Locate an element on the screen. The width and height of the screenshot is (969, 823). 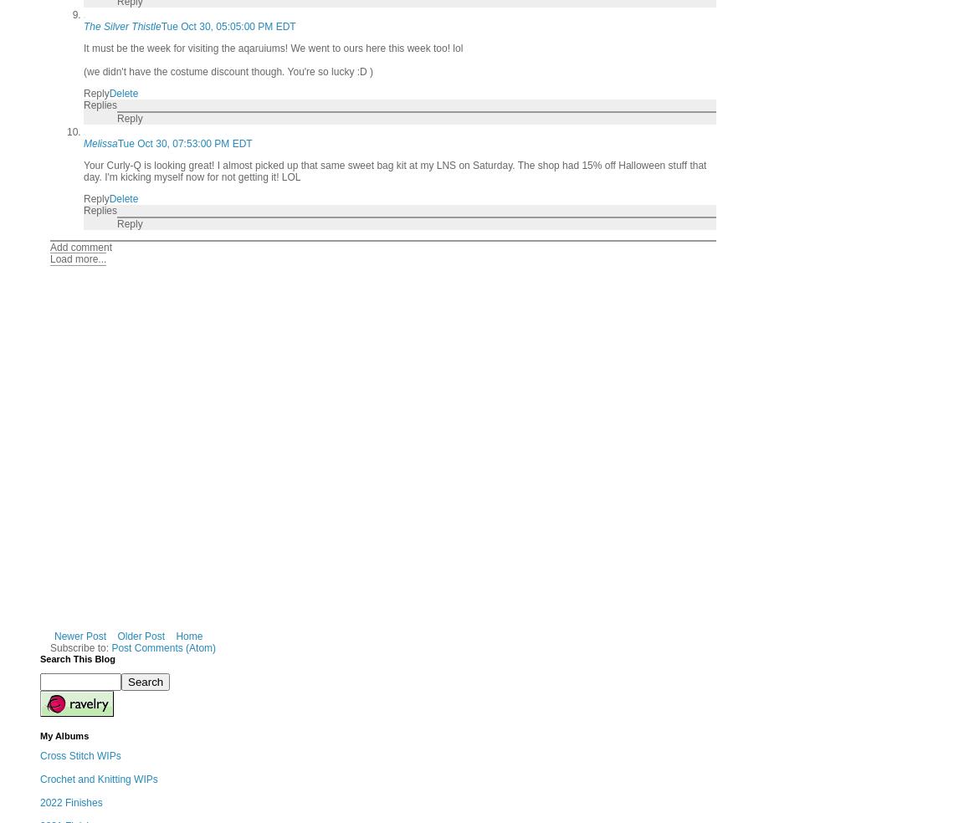
'Tue Oct 30, 07:53:00 PM EDT' is located at coordinates (184, 144).